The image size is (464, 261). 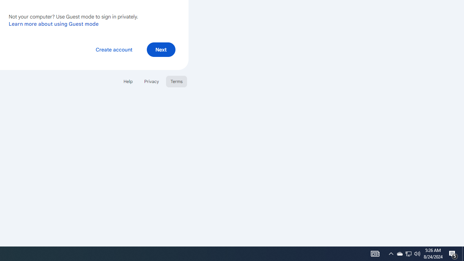 What do you see at coordinates (128, 81) in the screenshot?
I see `'Help'` at bounding box center [128, 81].